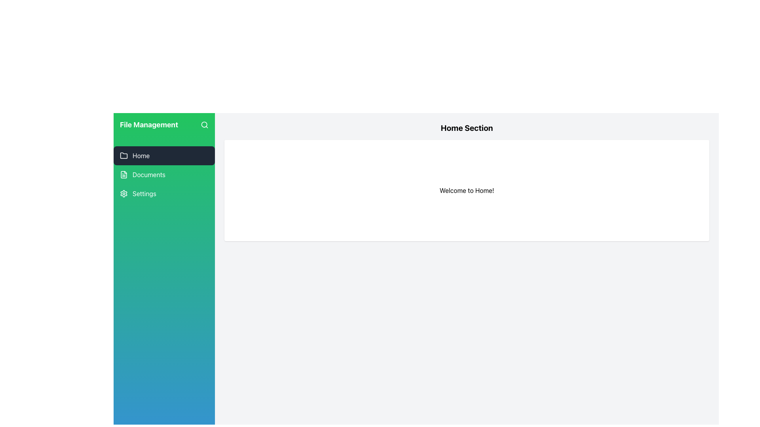 Image resolution: width=760 pixels, height=427 pixels. What do you see at coordinates (205, 125) in the screenshot?
I see `the search icon (magnifying glass) located at the far right end of the green background area in the 'File Management' section` at bounding box center [205, 125].